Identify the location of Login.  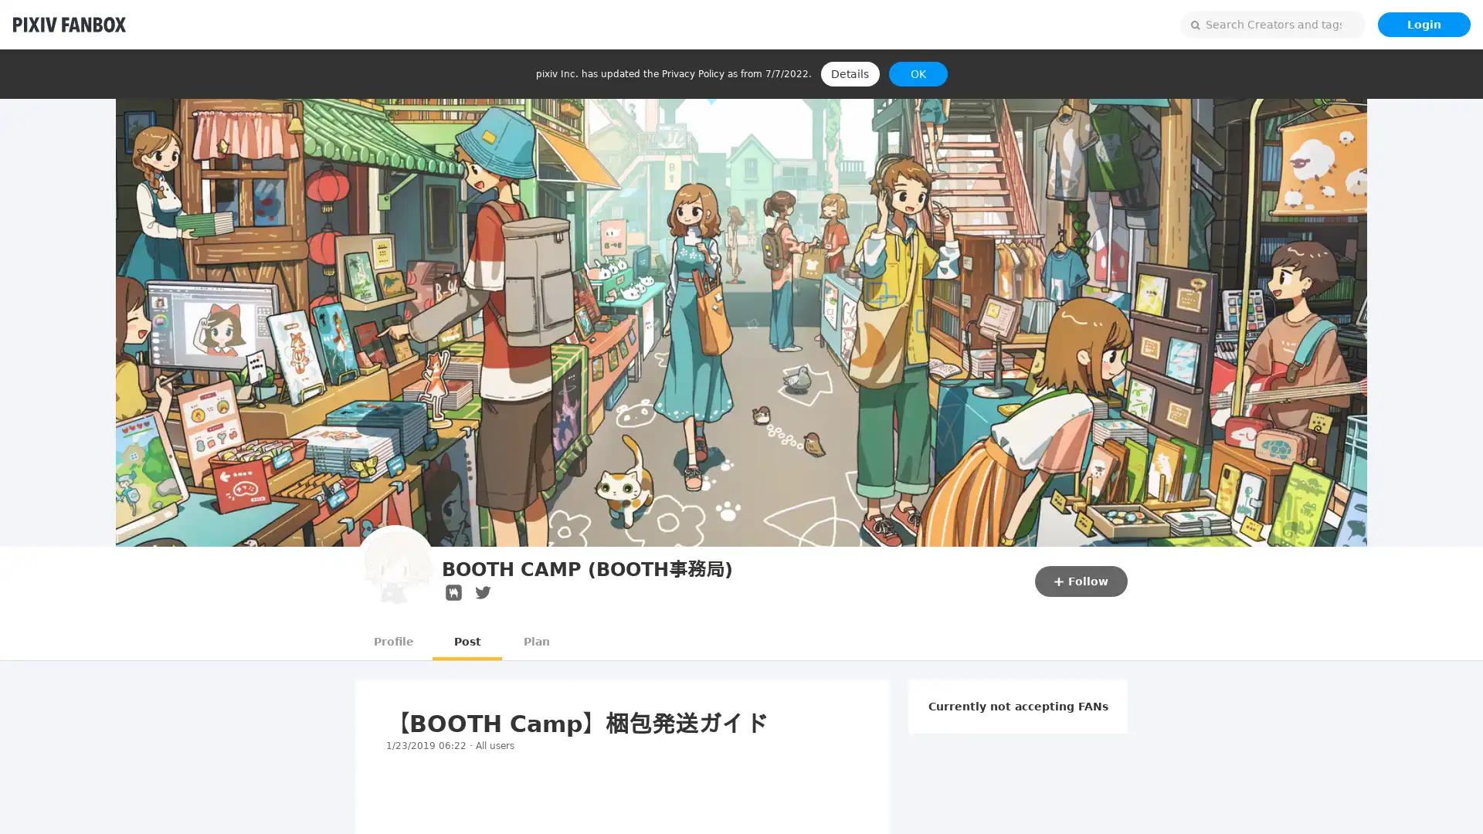
(1423, 24).